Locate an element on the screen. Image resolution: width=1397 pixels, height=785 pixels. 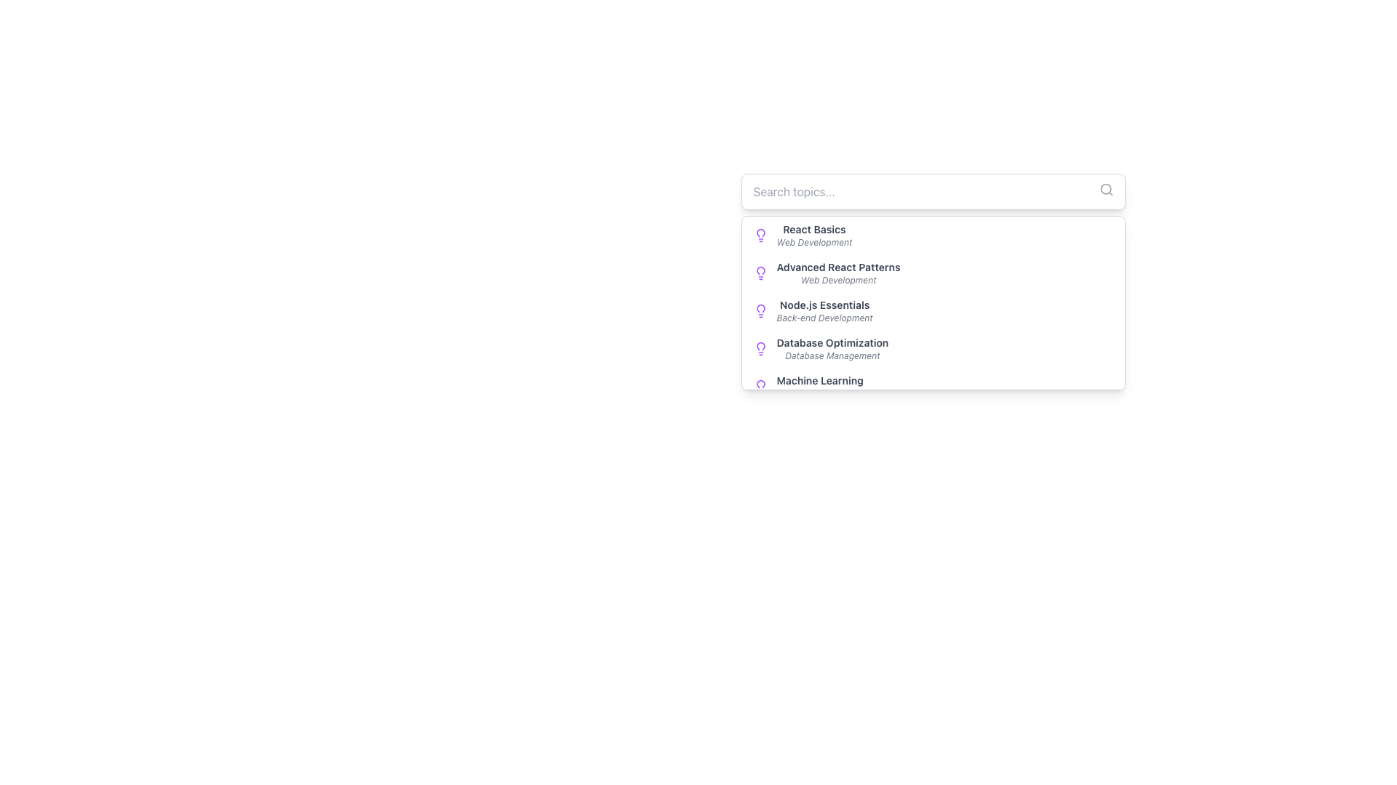
on the fourth list item labeled 'Database Optimization' in the navigation menu is located at coordinates (832, 348).